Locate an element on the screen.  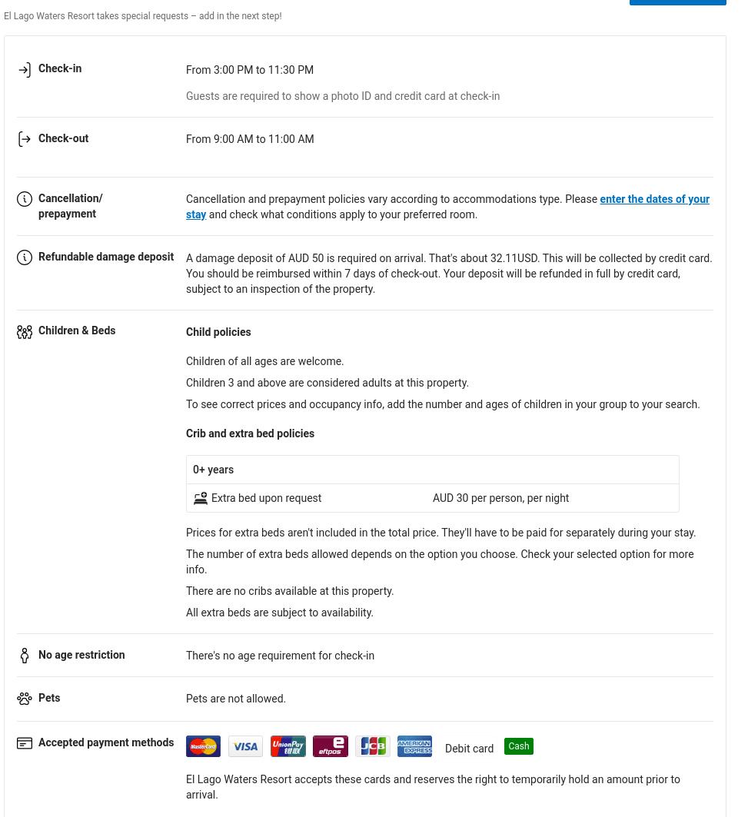
'Extra bed upon request' is located at coordinates (266, 497).